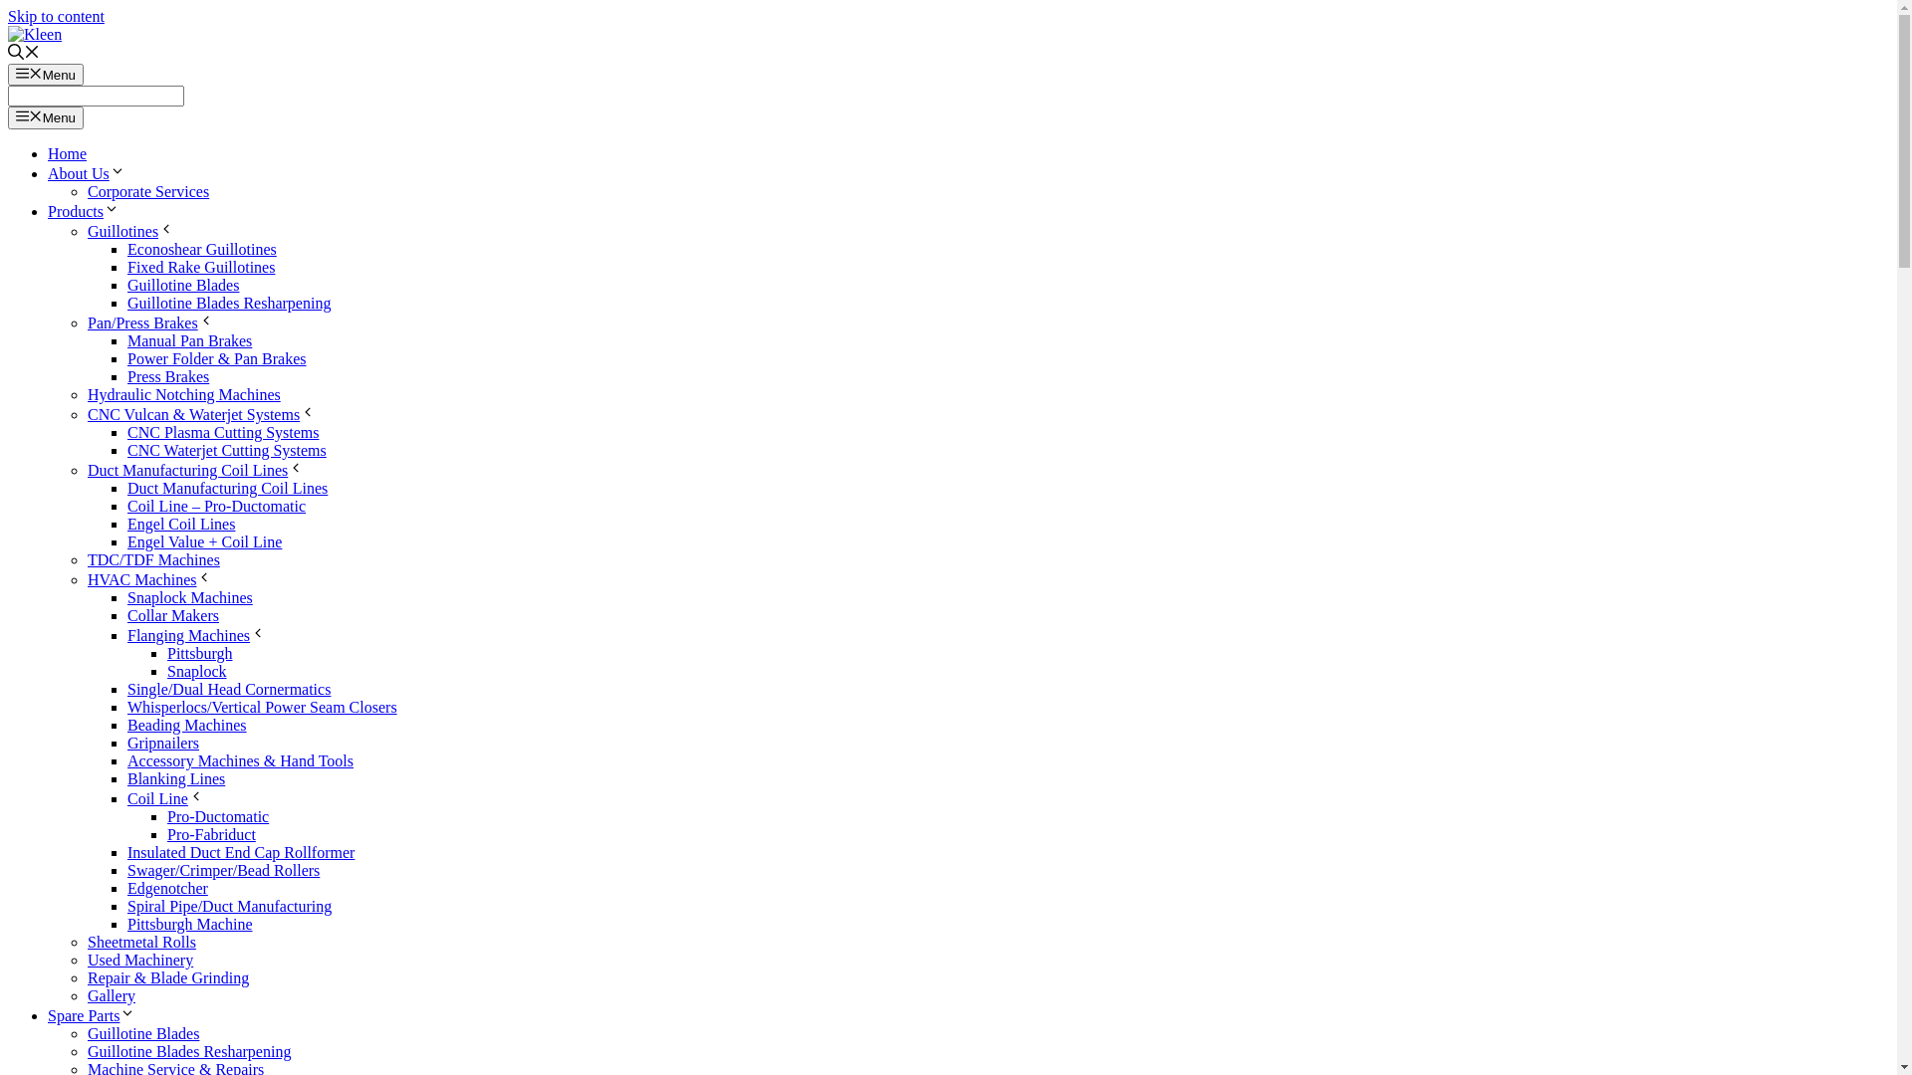 This screenshot has width=1912, height=1075. I want to click on 'Repair & Blade Grinding', so click(86, 976).